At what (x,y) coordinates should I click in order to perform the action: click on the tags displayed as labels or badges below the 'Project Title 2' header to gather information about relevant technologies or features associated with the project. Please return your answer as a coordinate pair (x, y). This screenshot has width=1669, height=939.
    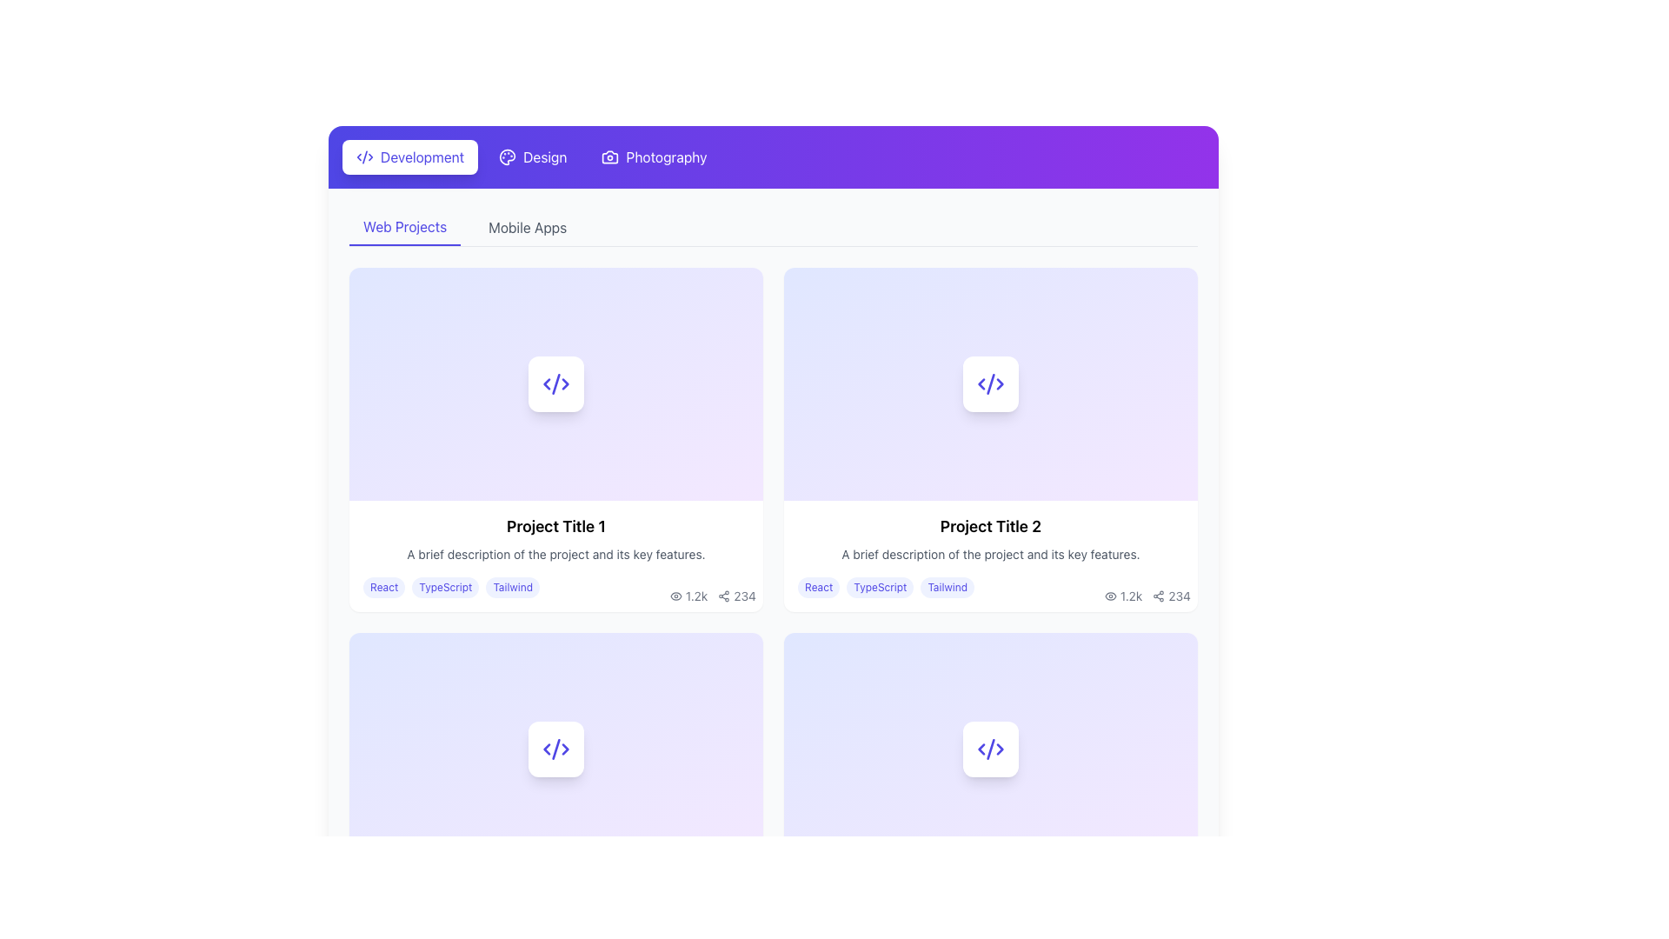
    Looking at the image, I should click on (991, 587).